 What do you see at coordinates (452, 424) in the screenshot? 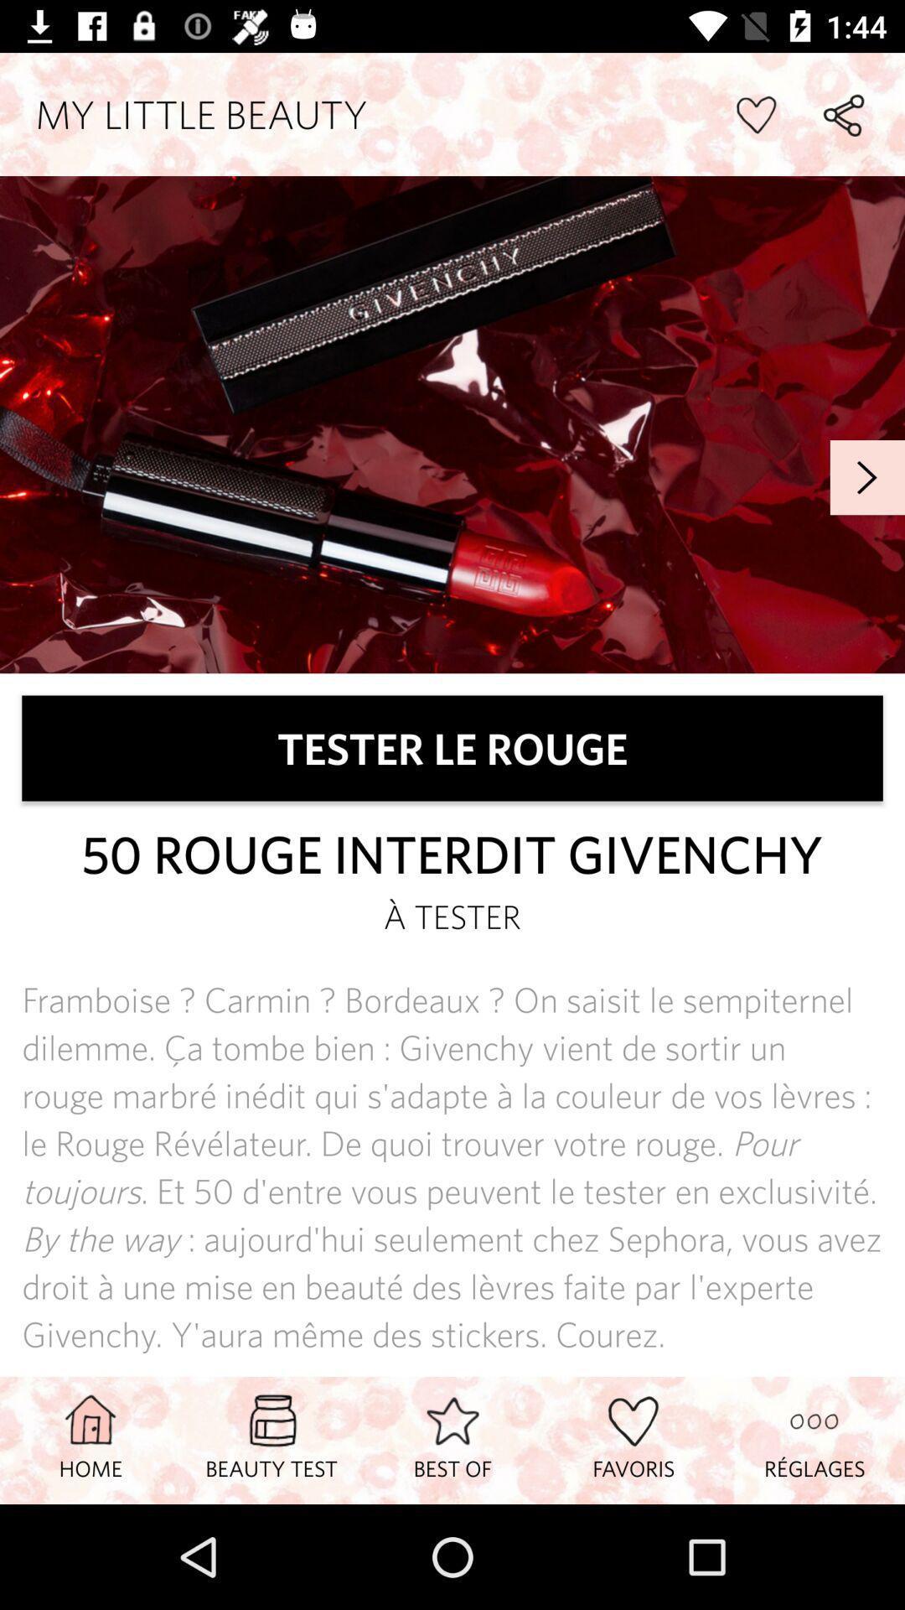
I see `banner` at bounding box center [452, 424].